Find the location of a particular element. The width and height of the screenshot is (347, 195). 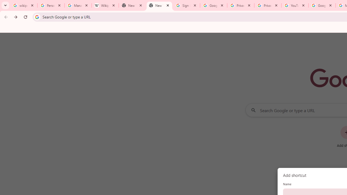

'Manage your Location History - Google Search Help' is located at coordinates (78, 5).